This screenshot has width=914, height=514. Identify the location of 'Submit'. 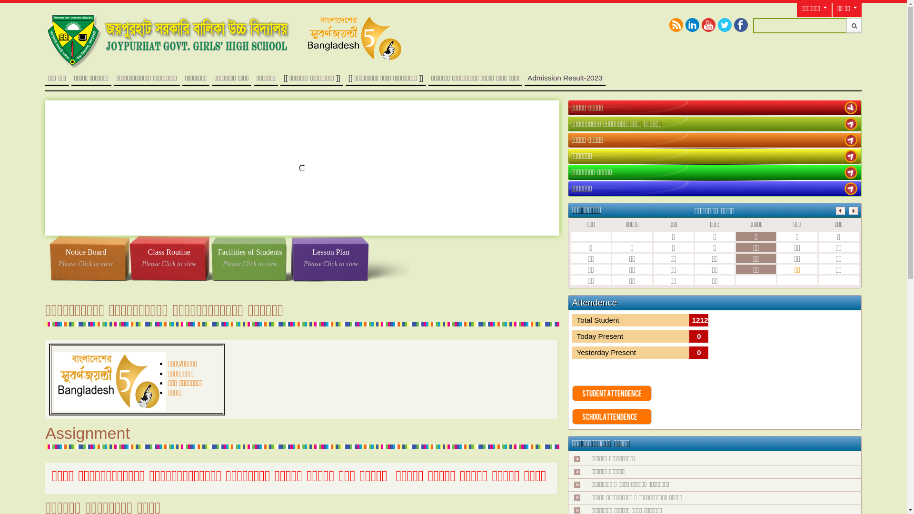
(854, 25).